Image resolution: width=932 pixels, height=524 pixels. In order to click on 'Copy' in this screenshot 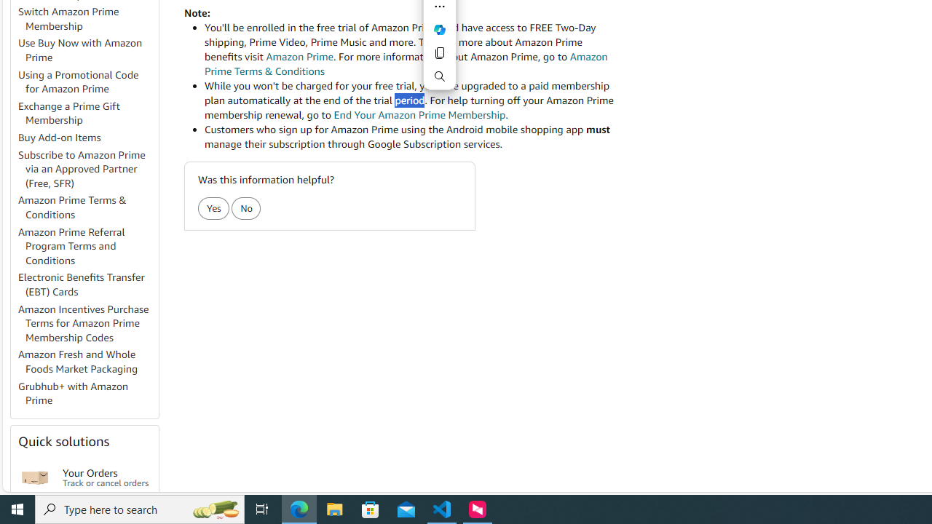, I will do `click(439, 52)`.